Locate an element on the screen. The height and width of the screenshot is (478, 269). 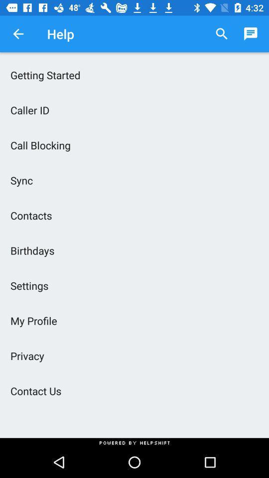
the my profile icon is located at coordinates (134, 320).